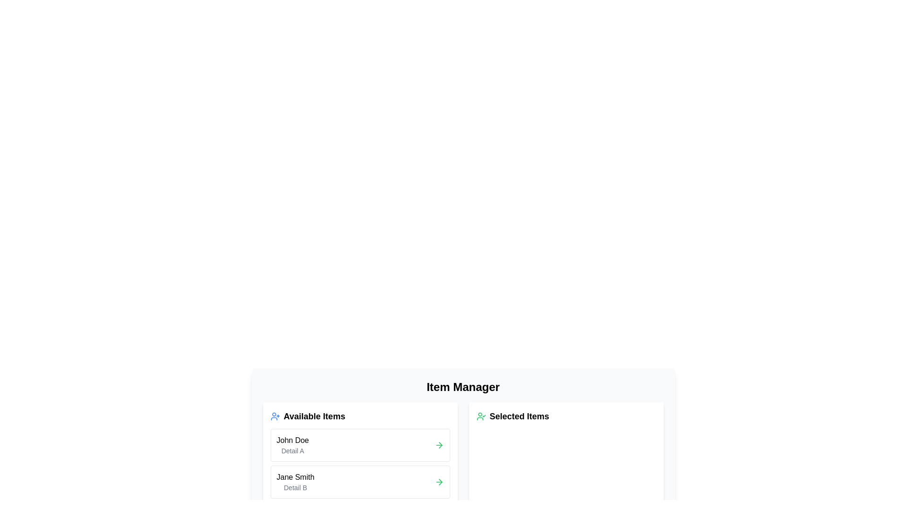 The width and height of the screenshot is (907, 510). Describe the element at coordinates (292, 450) in the screenshot. I see `the text label displaying 'Detail A' in light gray font, located below 'John Doe' in the 'Available Items' section` at that location.